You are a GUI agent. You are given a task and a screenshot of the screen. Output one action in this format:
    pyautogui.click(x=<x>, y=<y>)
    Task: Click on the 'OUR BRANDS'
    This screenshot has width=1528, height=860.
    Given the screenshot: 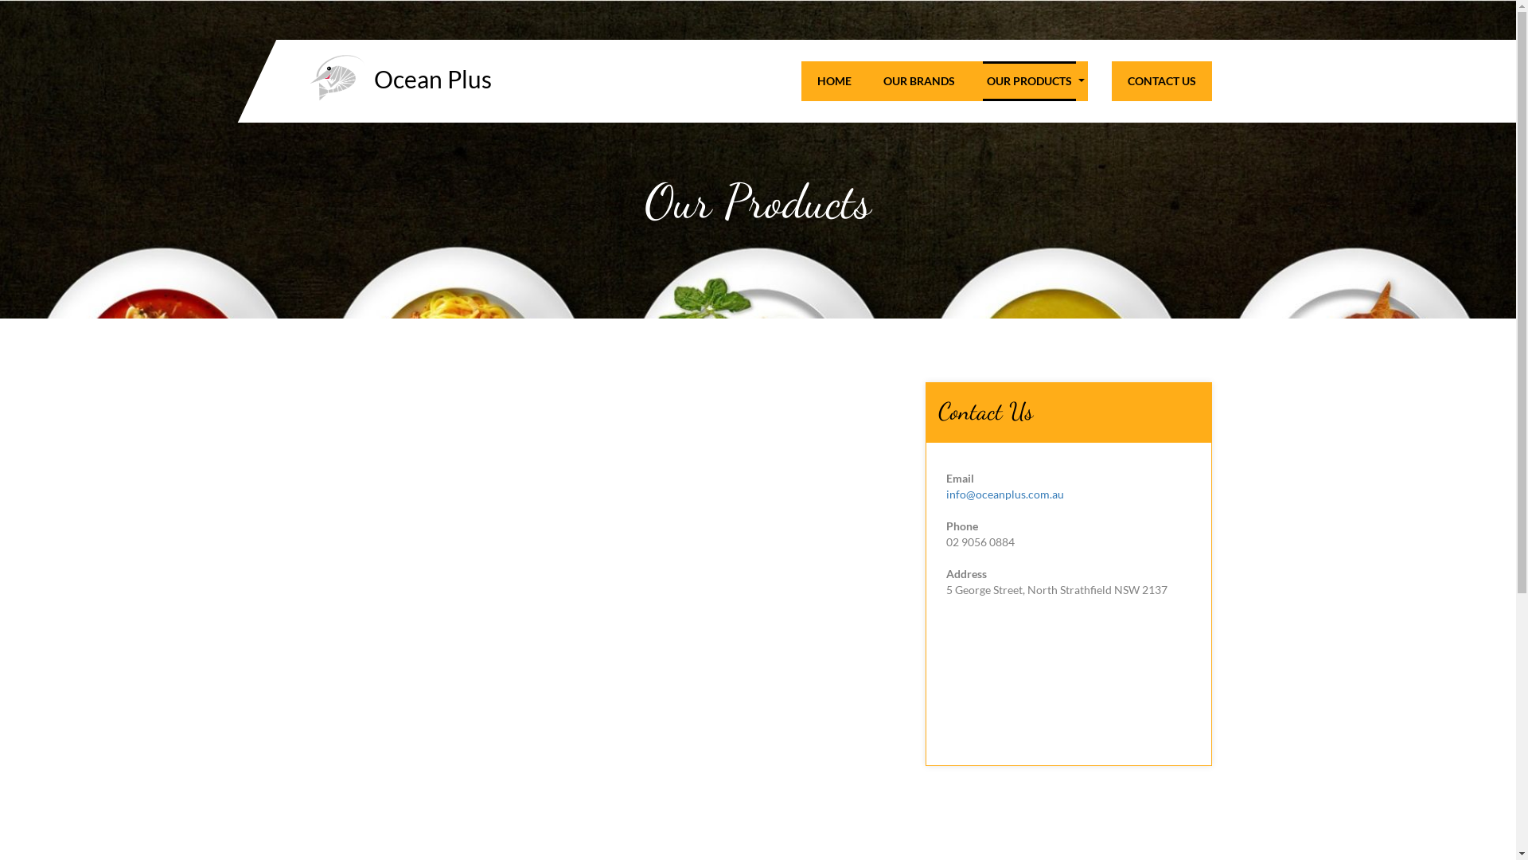 What is the action you would take?
    pyautogui.click(x=918, y=80)
    